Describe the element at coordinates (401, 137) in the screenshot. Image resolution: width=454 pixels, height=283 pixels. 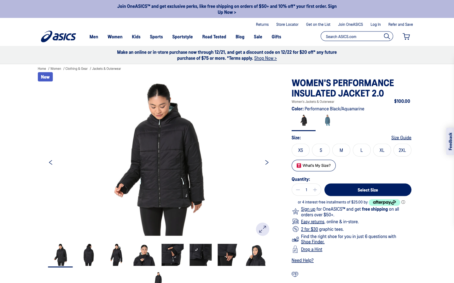
I see `Ascertain the correct size to select while buying` at that location.